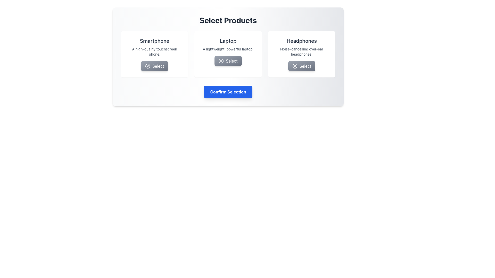 The width and height of the screenshot is (495, 278). Describe the element at coordinates (228, 57) in the screenshot. I see `the interactive button located under the 'Laptop' item with title text 'Laptop' and description 'A lightweight, powerful laptop.' to trigger the scaling effect` at that location.